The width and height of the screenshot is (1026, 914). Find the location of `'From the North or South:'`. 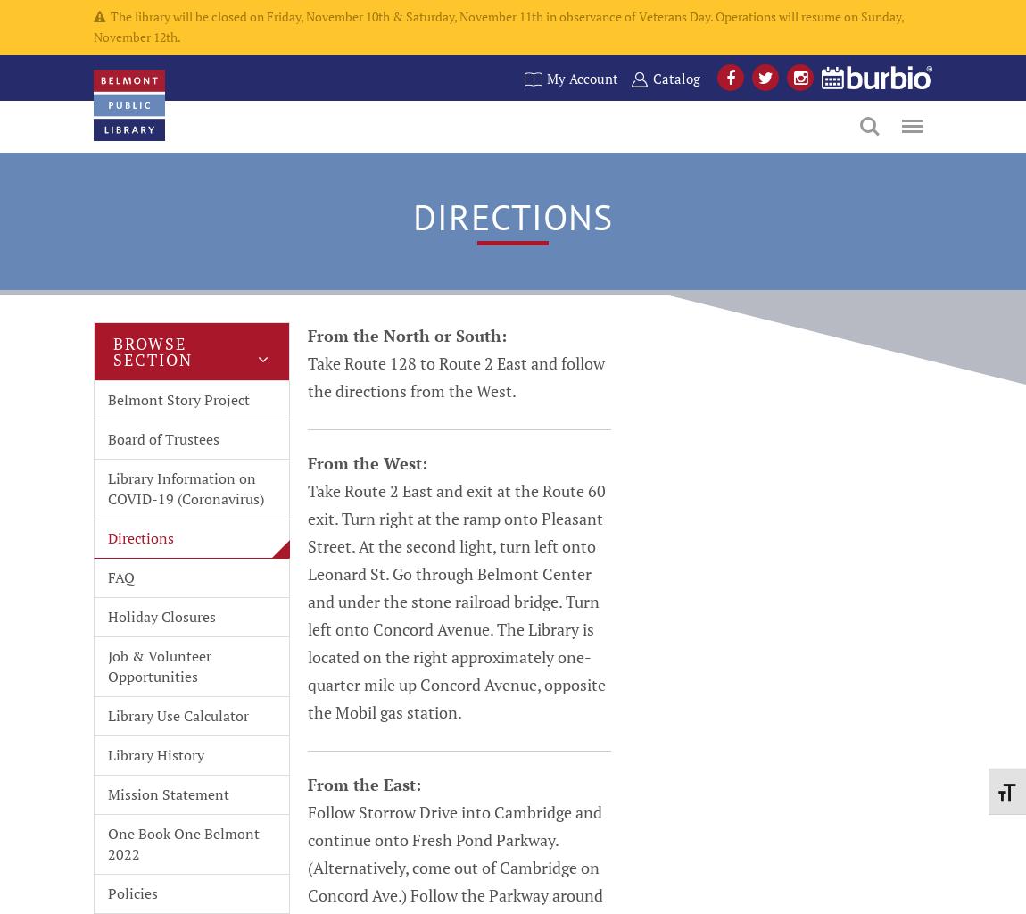

'From the North or South:' is located at coordinates (407, 334).